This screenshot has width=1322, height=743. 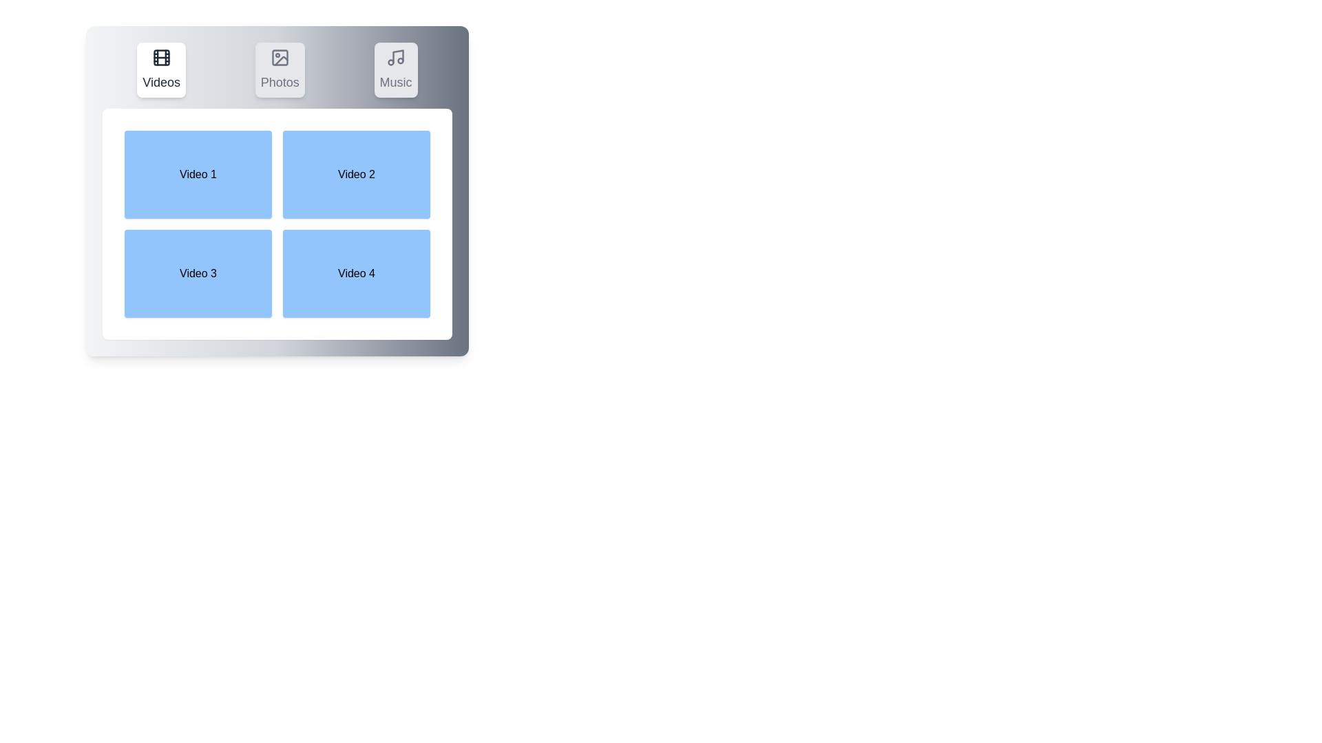 What do you see at coordinates (161, 69) in the screenshot?
I see `the Videos tab to switch to the corresponding section` at bounding box center [161, 69].